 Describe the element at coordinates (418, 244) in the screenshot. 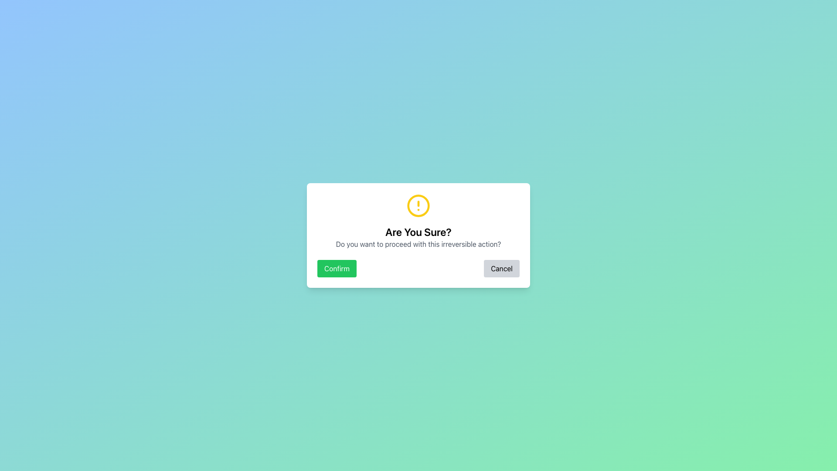

I see `the static text element that reads 'Do you want to proceed with this irreversible action?', which is styled with a gray font and located below the title 'Are You Sure?' in a modal structure` at that location.